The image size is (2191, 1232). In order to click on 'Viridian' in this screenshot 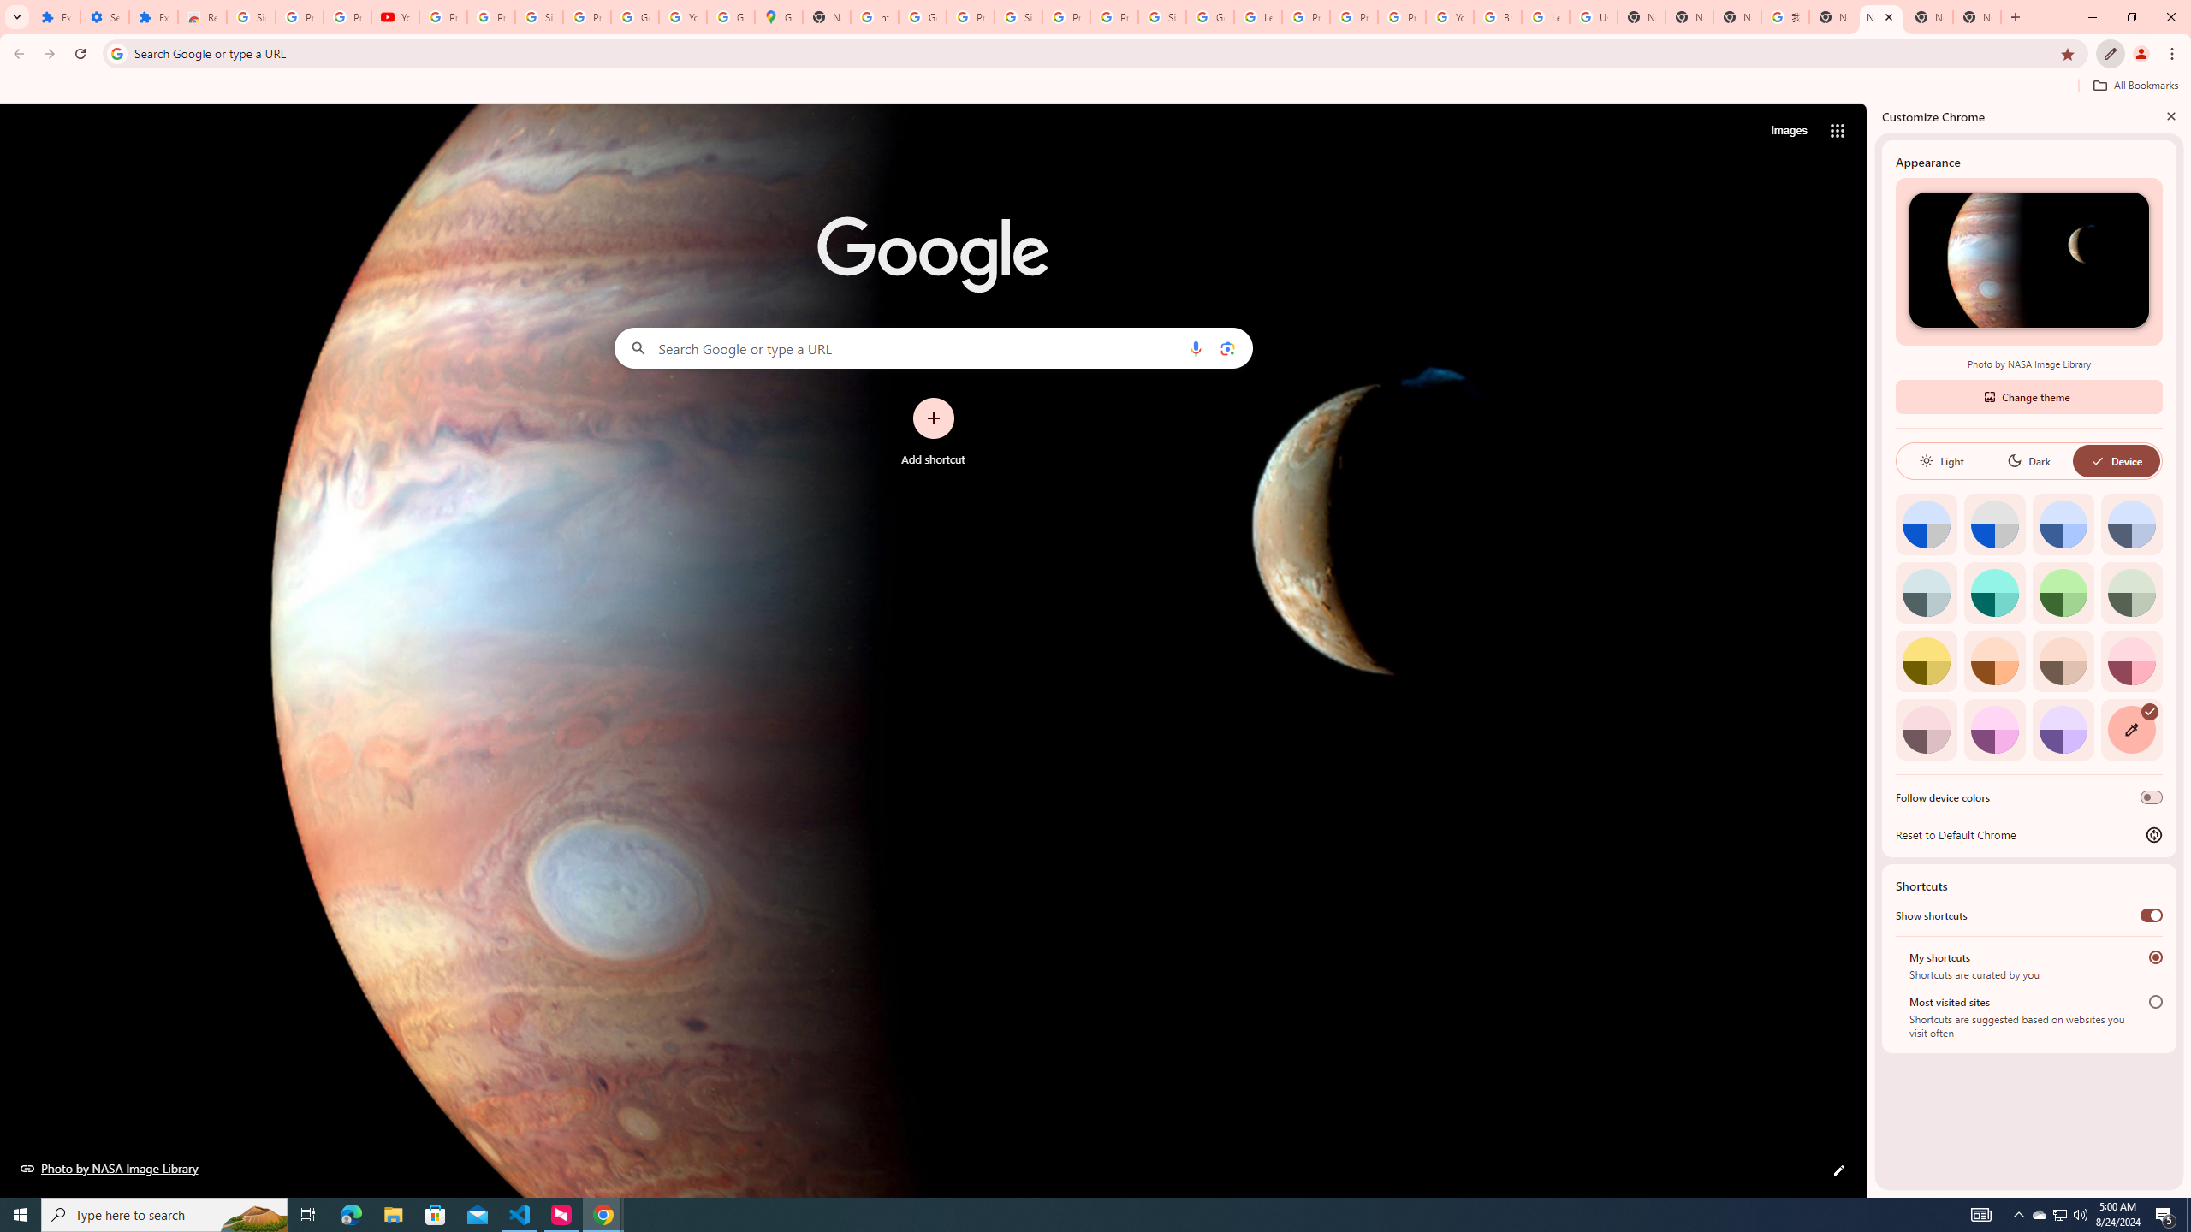, I will do `click(2131, 592)`.